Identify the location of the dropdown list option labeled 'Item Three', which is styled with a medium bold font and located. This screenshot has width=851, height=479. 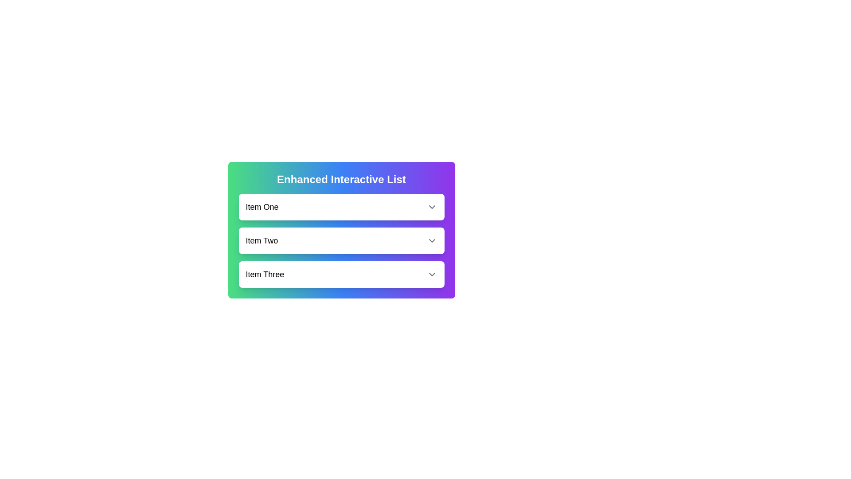
(341, 274).